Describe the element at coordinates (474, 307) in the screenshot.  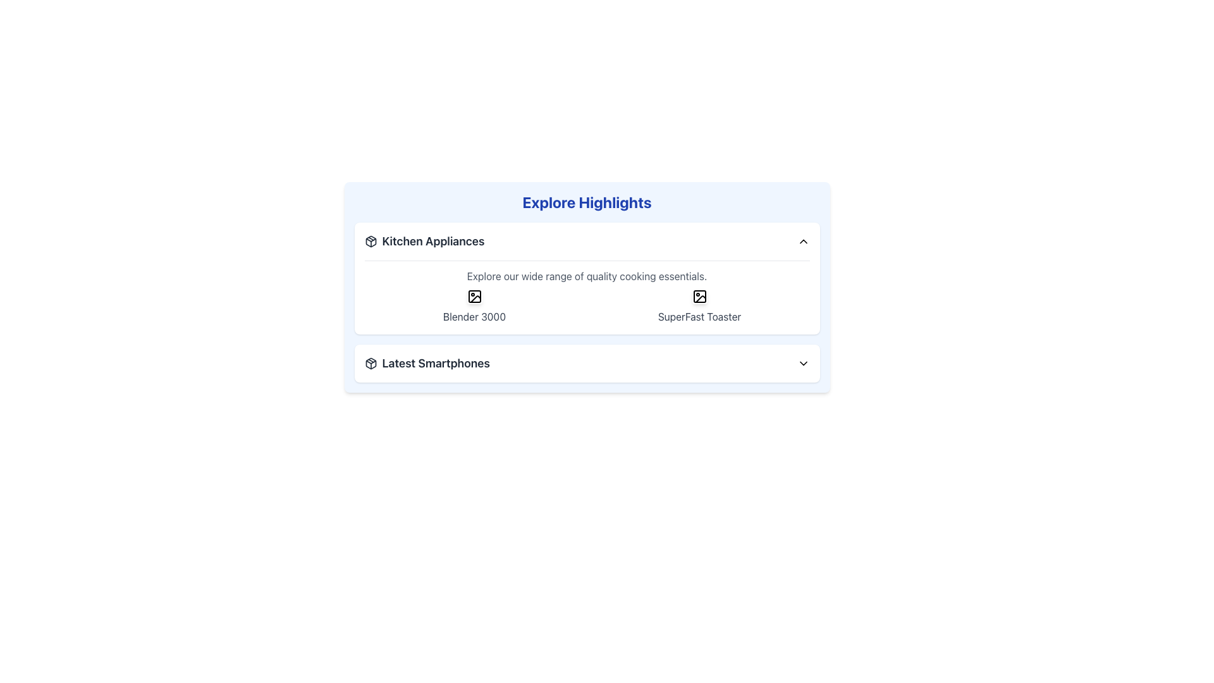
I see `the 'Blender 3000' product display element located in the 'Kitchen Appliances' section, which is the first element in a two-column layout` at that location.